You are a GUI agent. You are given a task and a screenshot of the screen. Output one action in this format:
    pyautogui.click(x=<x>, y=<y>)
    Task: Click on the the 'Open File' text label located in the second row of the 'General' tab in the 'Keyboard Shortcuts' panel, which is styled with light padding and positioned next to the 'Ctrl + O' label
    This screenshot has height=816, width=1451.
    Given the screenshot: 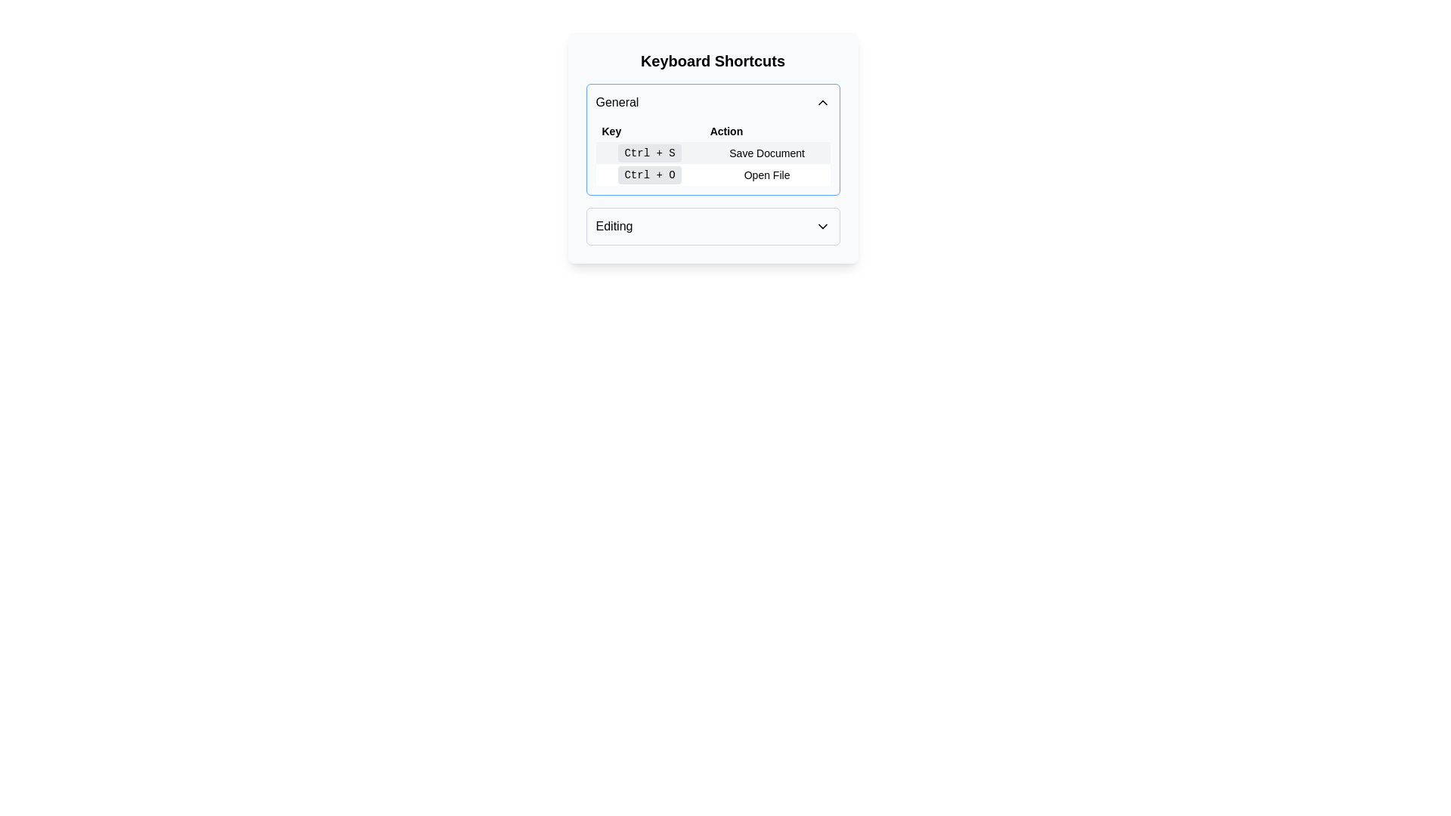 What is the action you would take?
    pyautogui.click(x=767, y=174)
    